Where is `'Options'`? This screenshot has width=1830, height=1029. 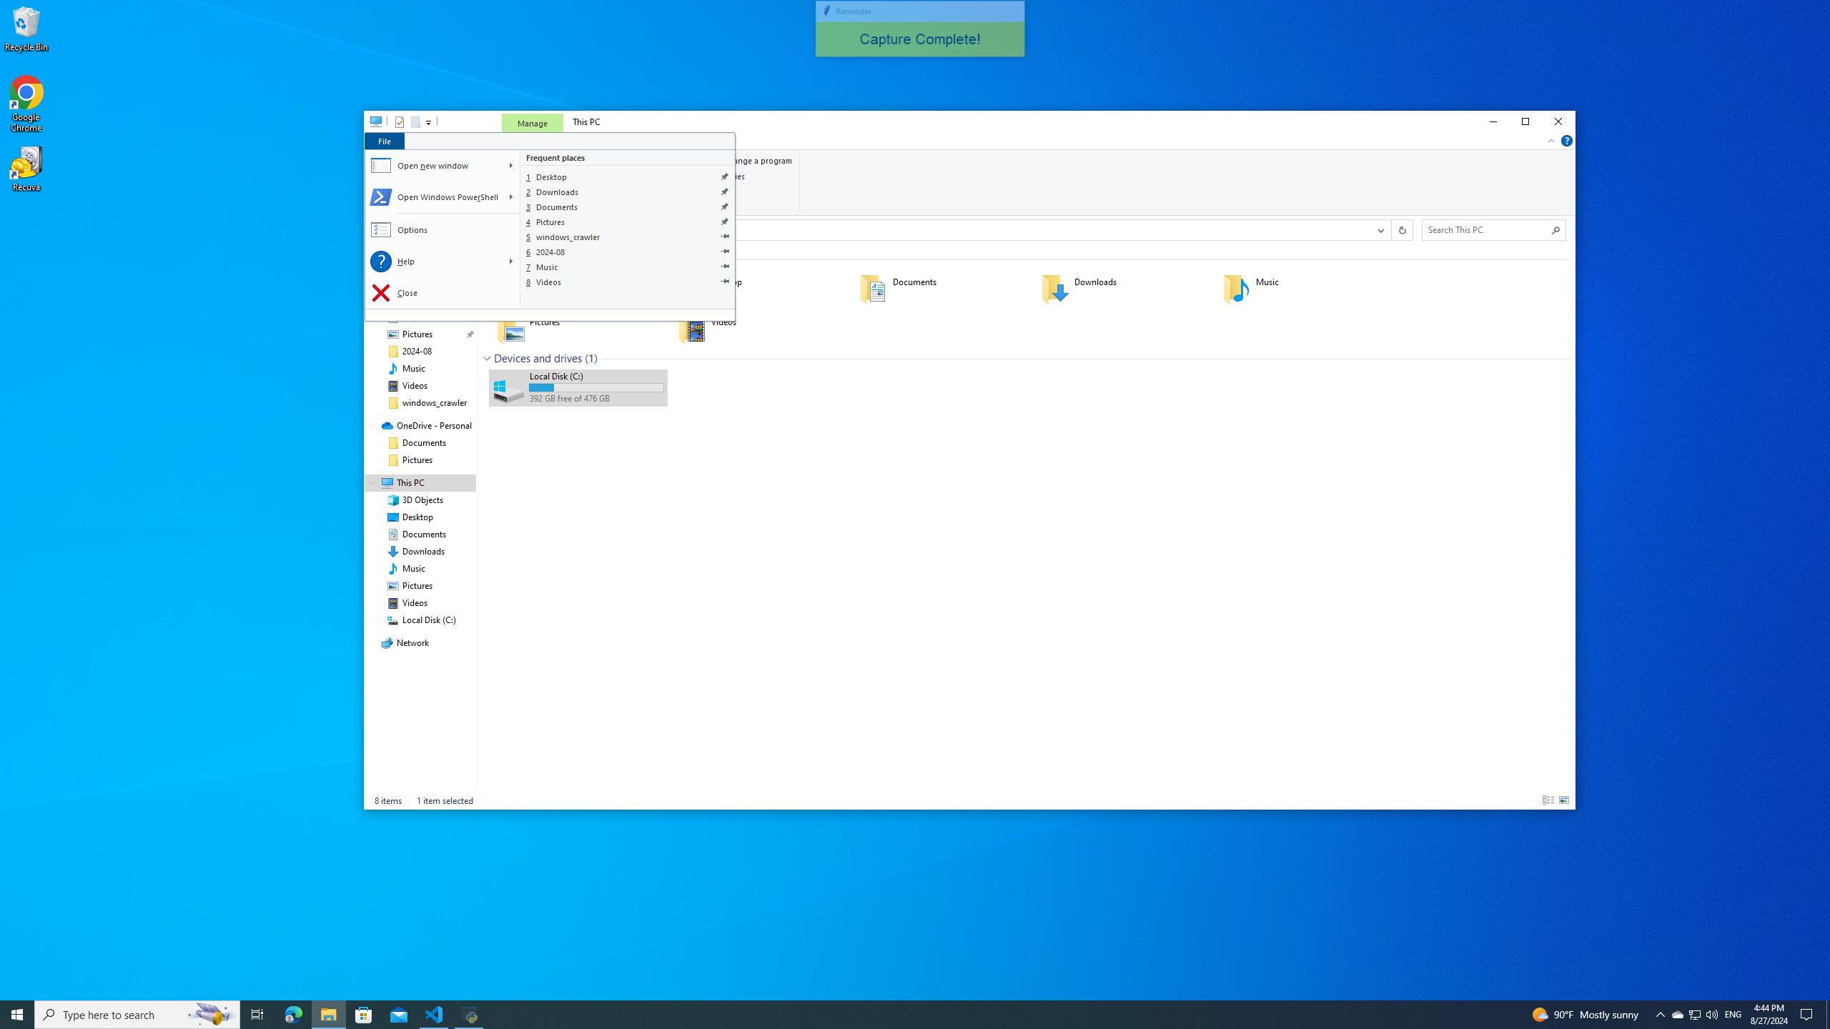 'Options' is located at coordinates (442, 229).